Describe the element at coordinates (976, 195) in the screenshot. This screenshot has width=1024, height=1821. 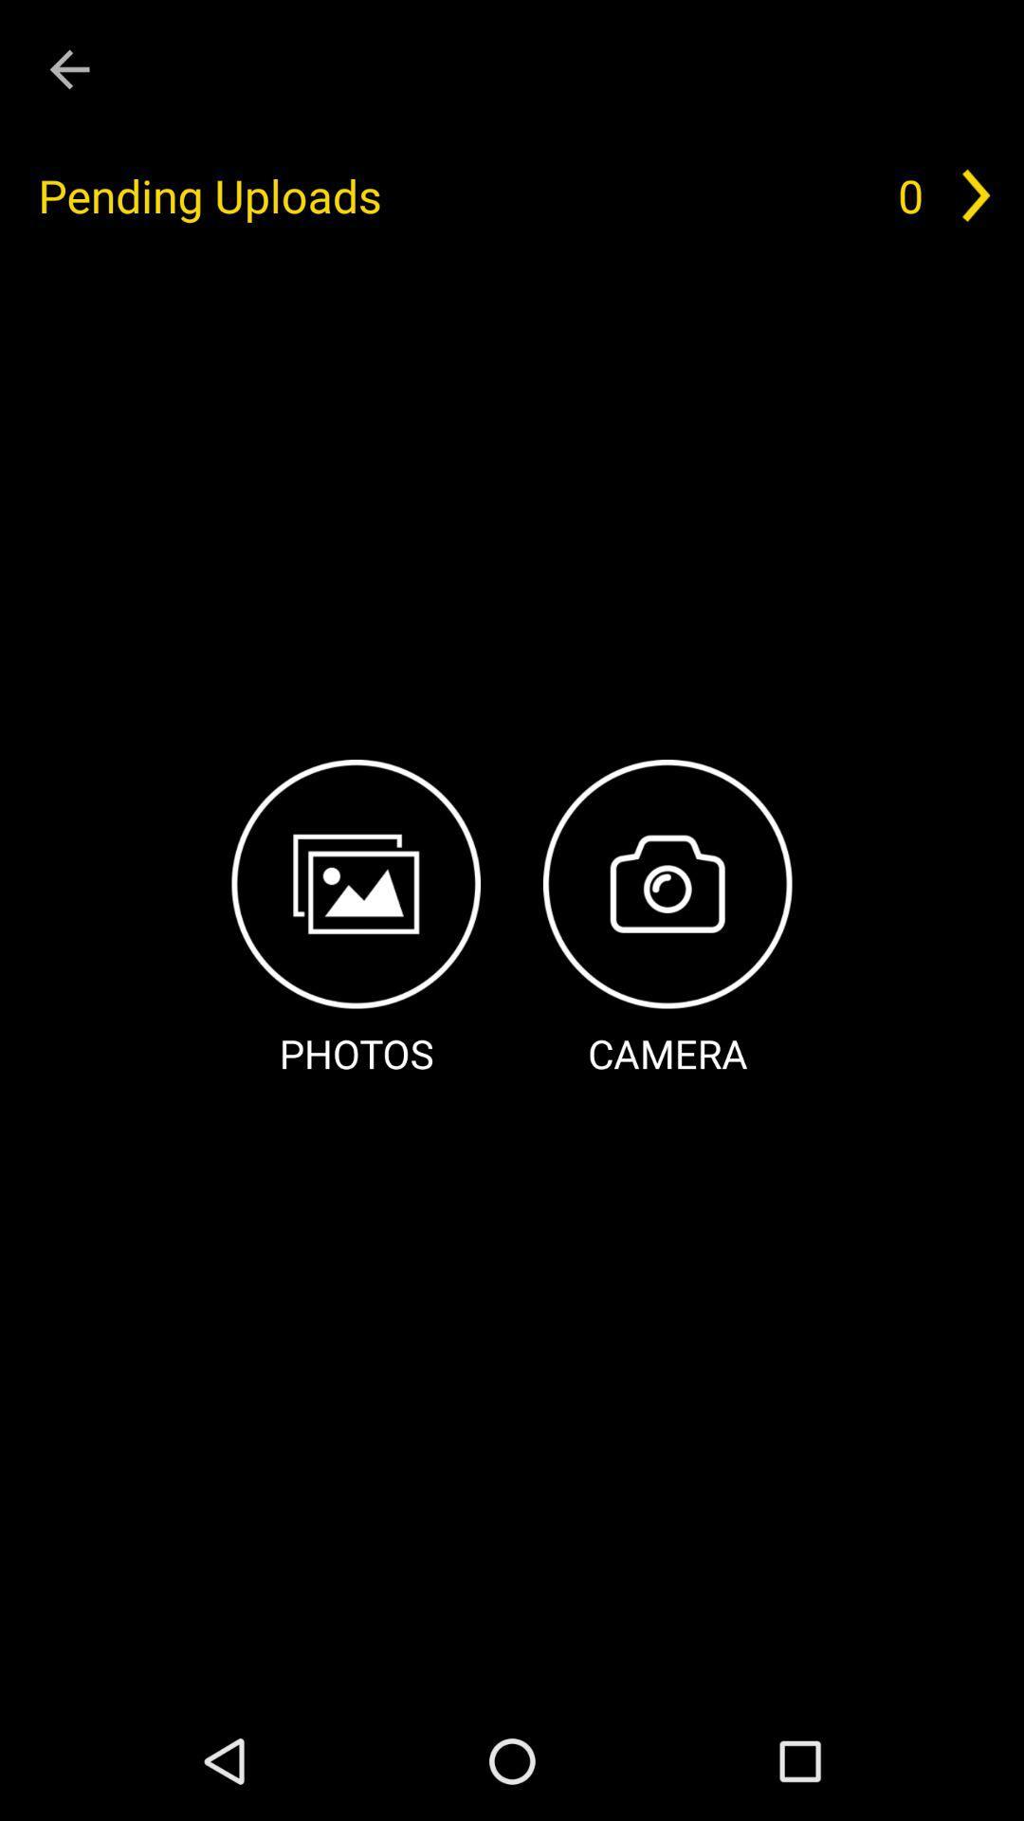
I see `the arrow_forward icon` at that location.